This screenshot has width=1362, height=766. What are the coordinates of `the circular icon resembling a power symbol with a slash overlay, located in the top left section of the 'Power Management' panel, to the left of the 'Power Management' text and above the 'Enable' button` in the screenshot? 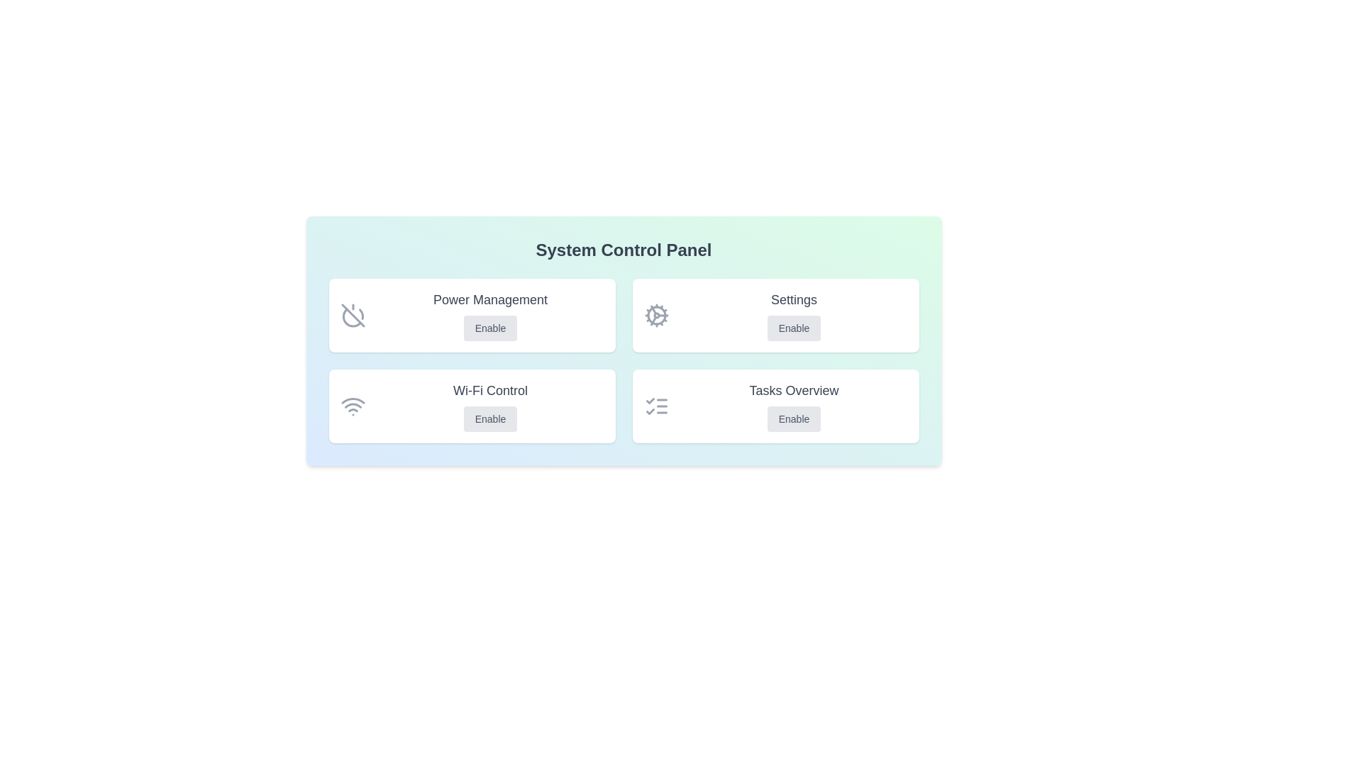 It's located at (353, 314).